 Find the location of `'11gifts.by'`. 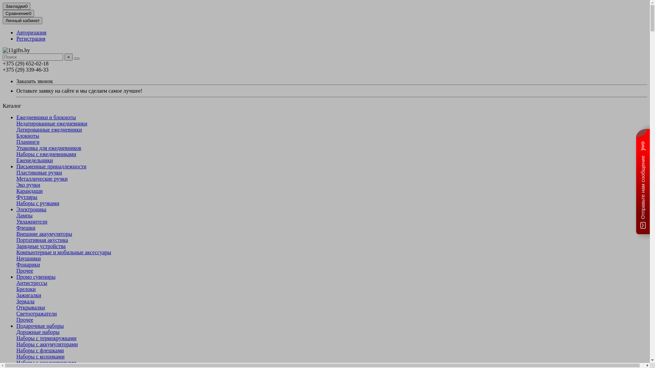

'11gifts.by' is located at coordinates (16, 50).